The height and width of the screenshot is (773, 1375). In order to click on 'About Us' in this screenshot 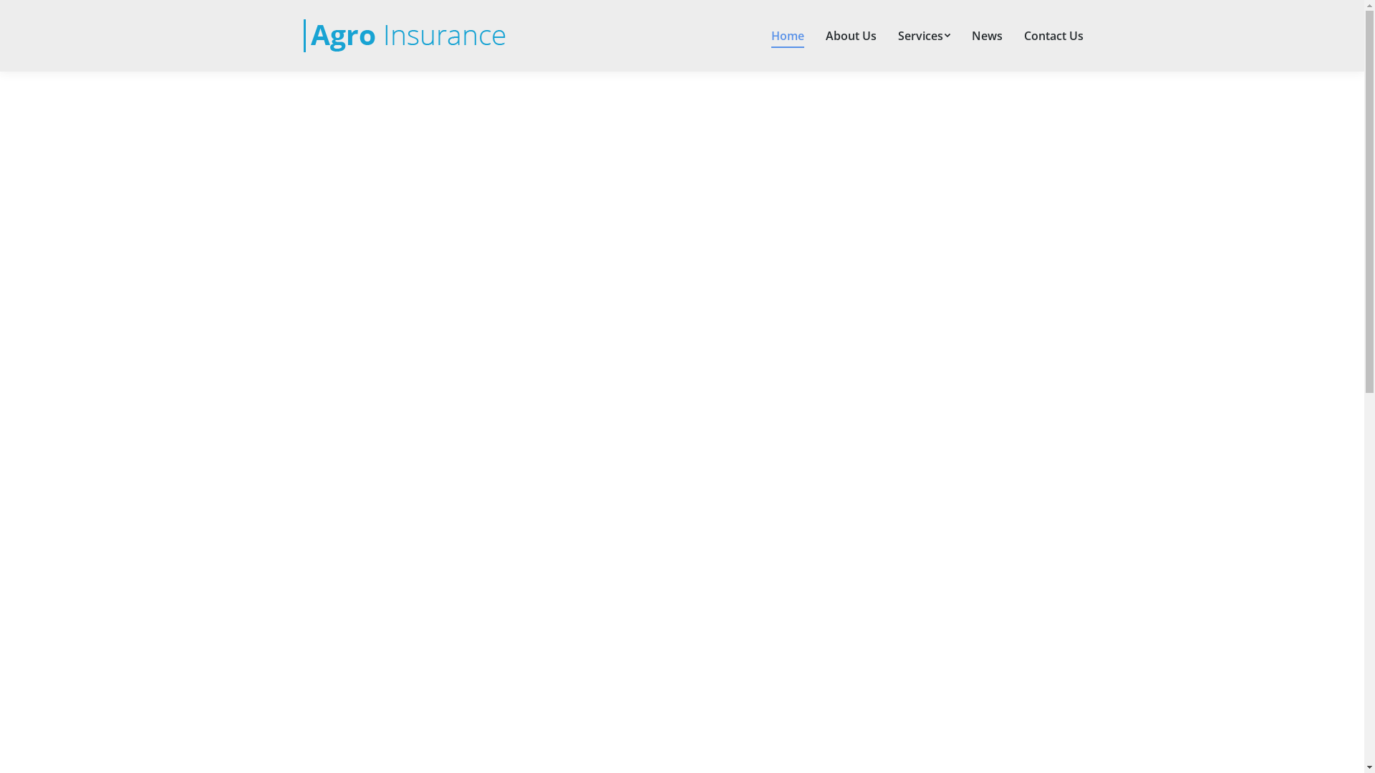, I will do `click(851, 35)`.